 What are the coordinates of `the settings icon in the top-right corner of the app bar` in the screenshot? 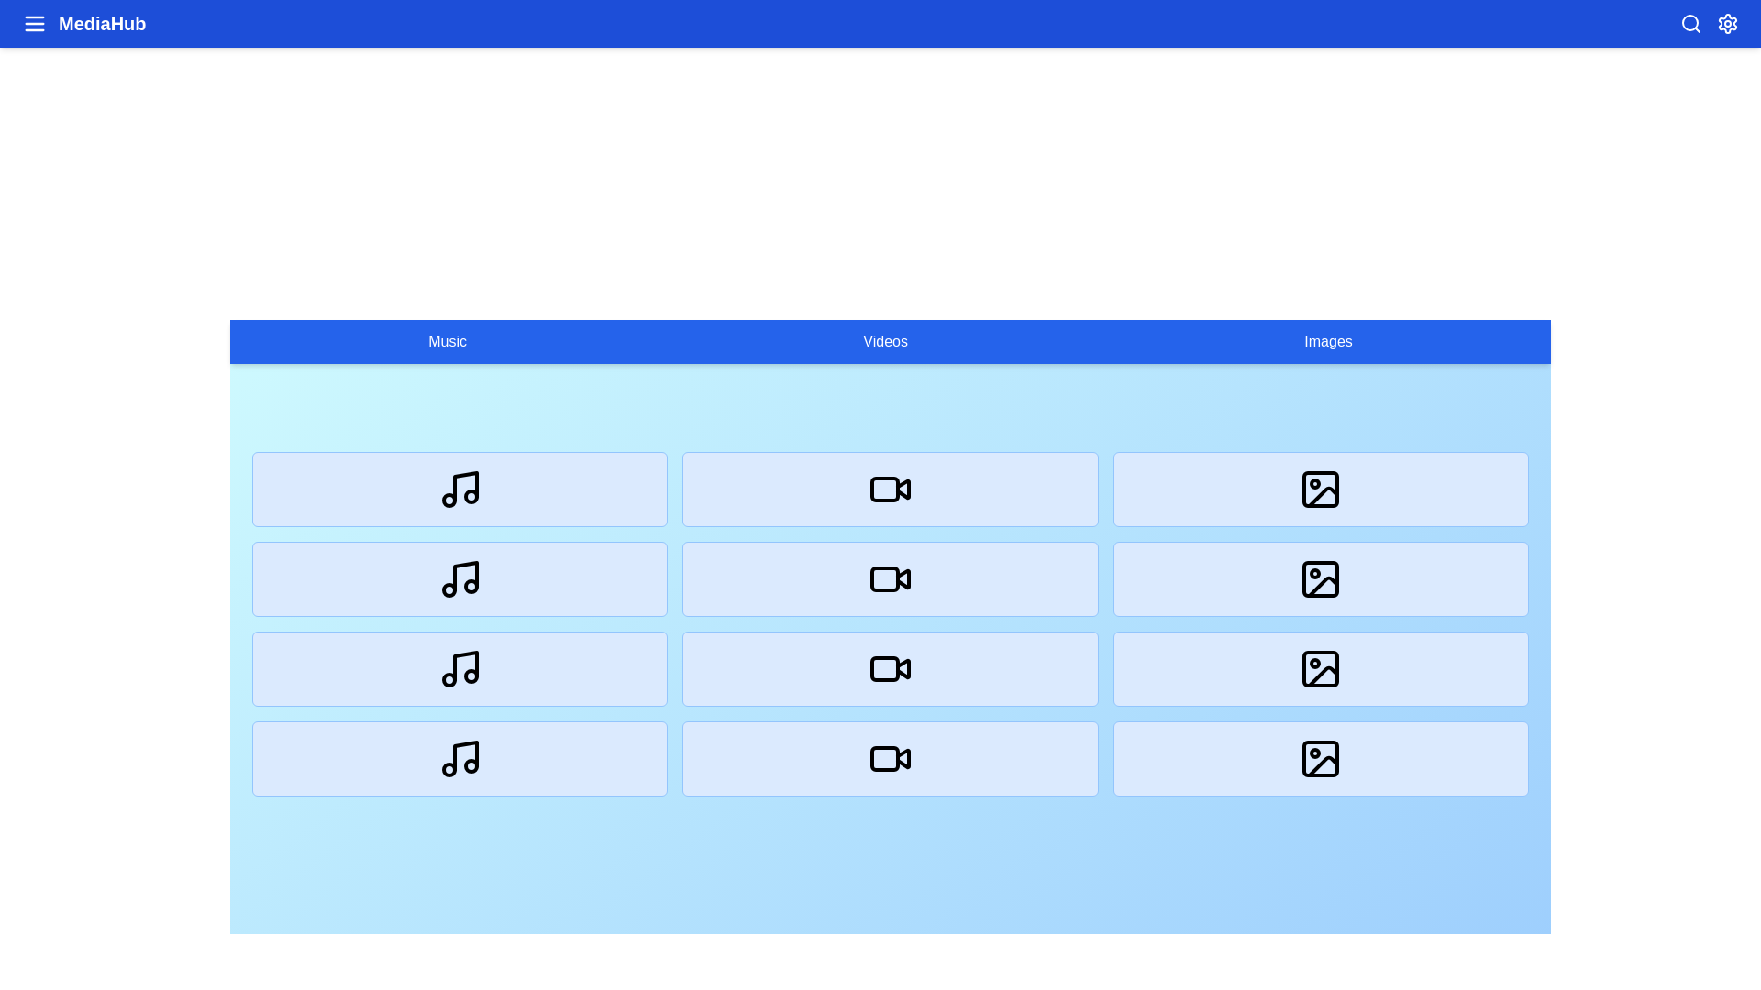 It's located at (1726, 24).